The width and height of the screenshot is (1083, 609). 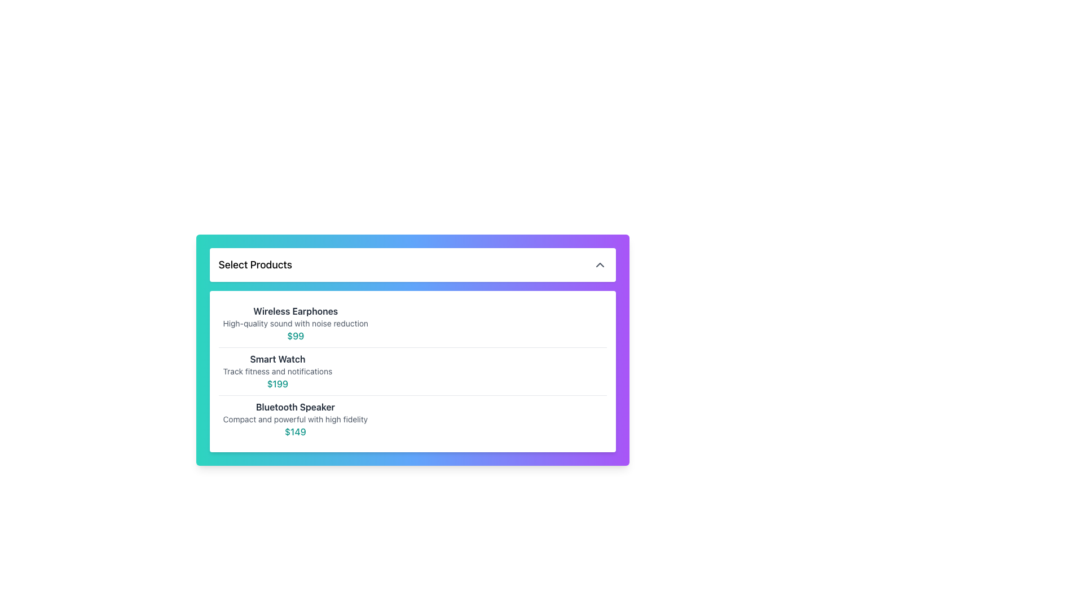 I want to click on the price text label of the 'Bluetooth Speaker' product, which is centrally aligned at the bottom of its card layout, so click(x=295, y=431).